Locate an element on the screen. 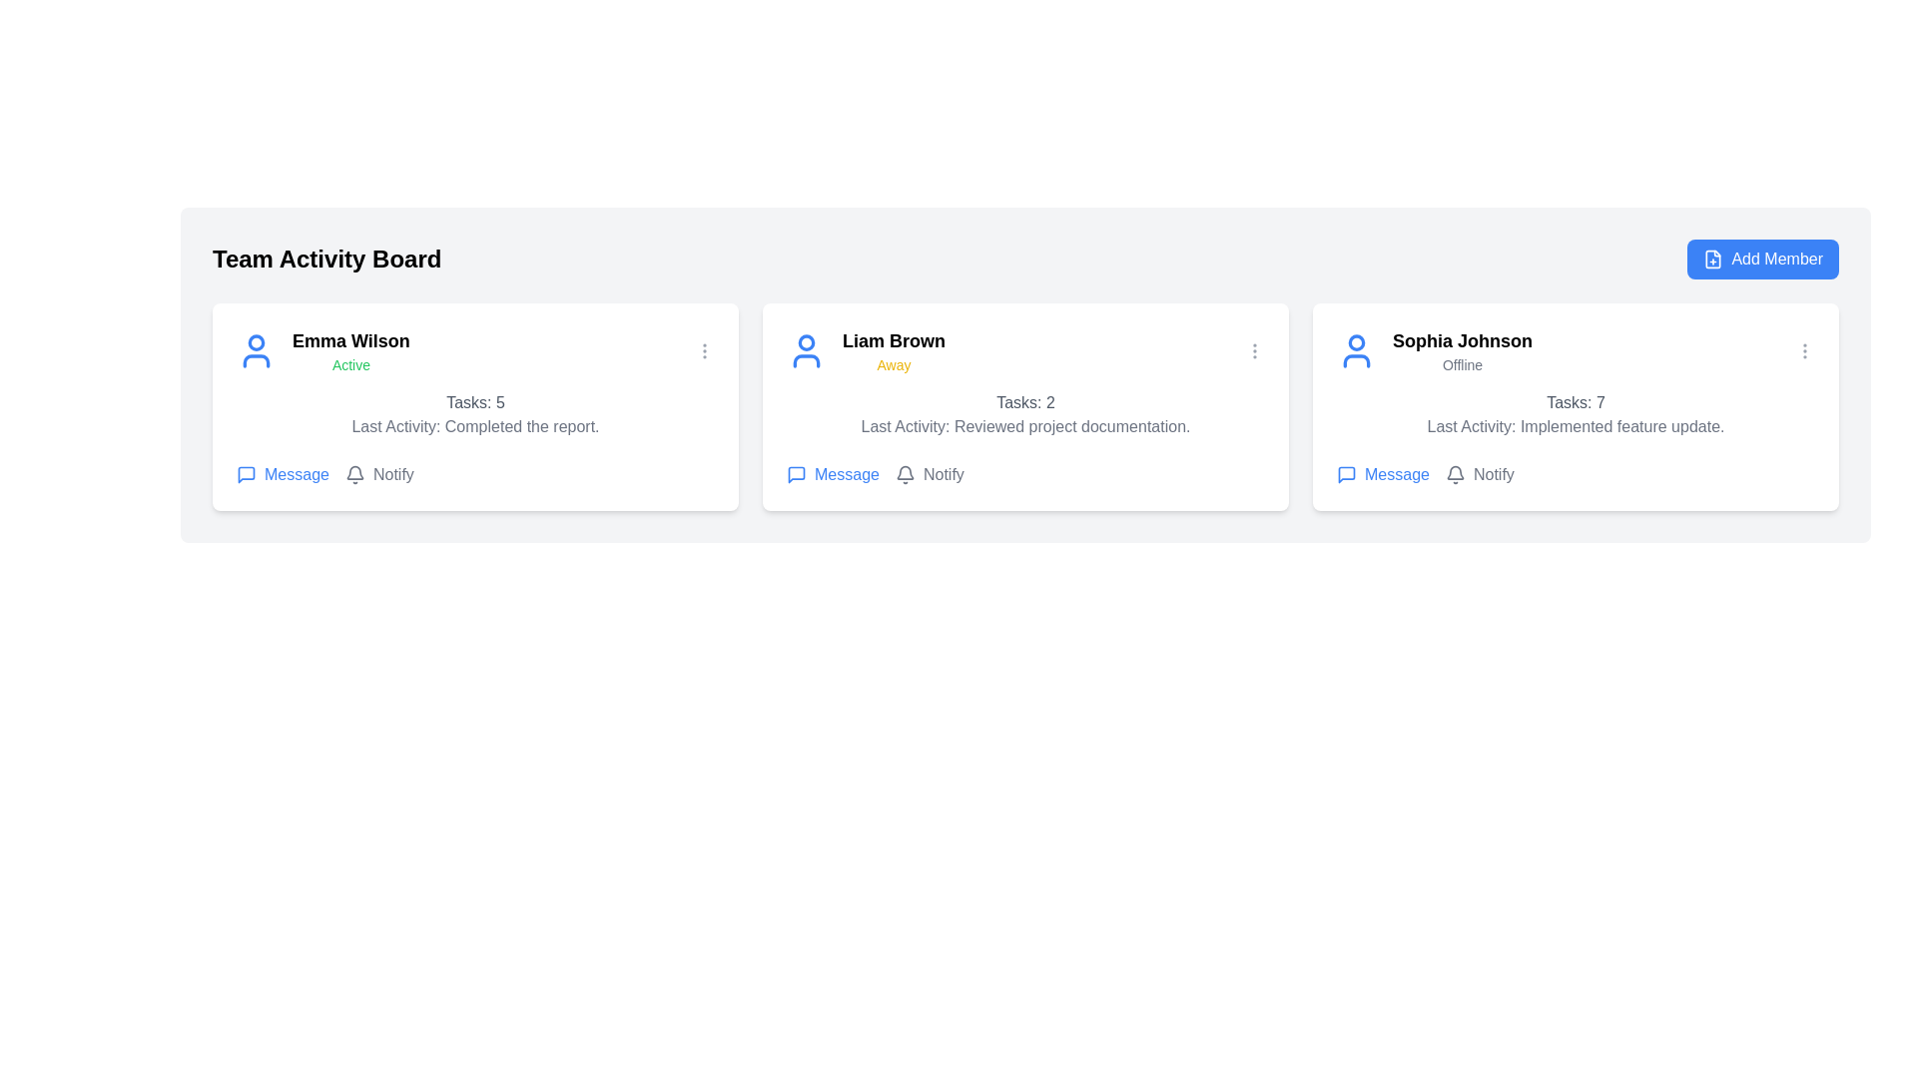 This screenshot has height=1078, width=1917. the 'Message' button styled with blue text and a speech bubble icon located in the bottom-left corner of the card for 'Sophia Johnson' is located at coordinates (1382, 474).